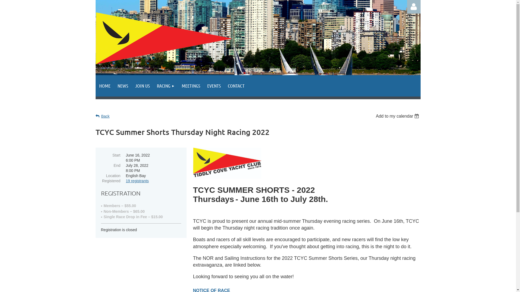  Describe the element at coordinates (236, 85) in the screenshot. I see `'CONTACT'` at that location.